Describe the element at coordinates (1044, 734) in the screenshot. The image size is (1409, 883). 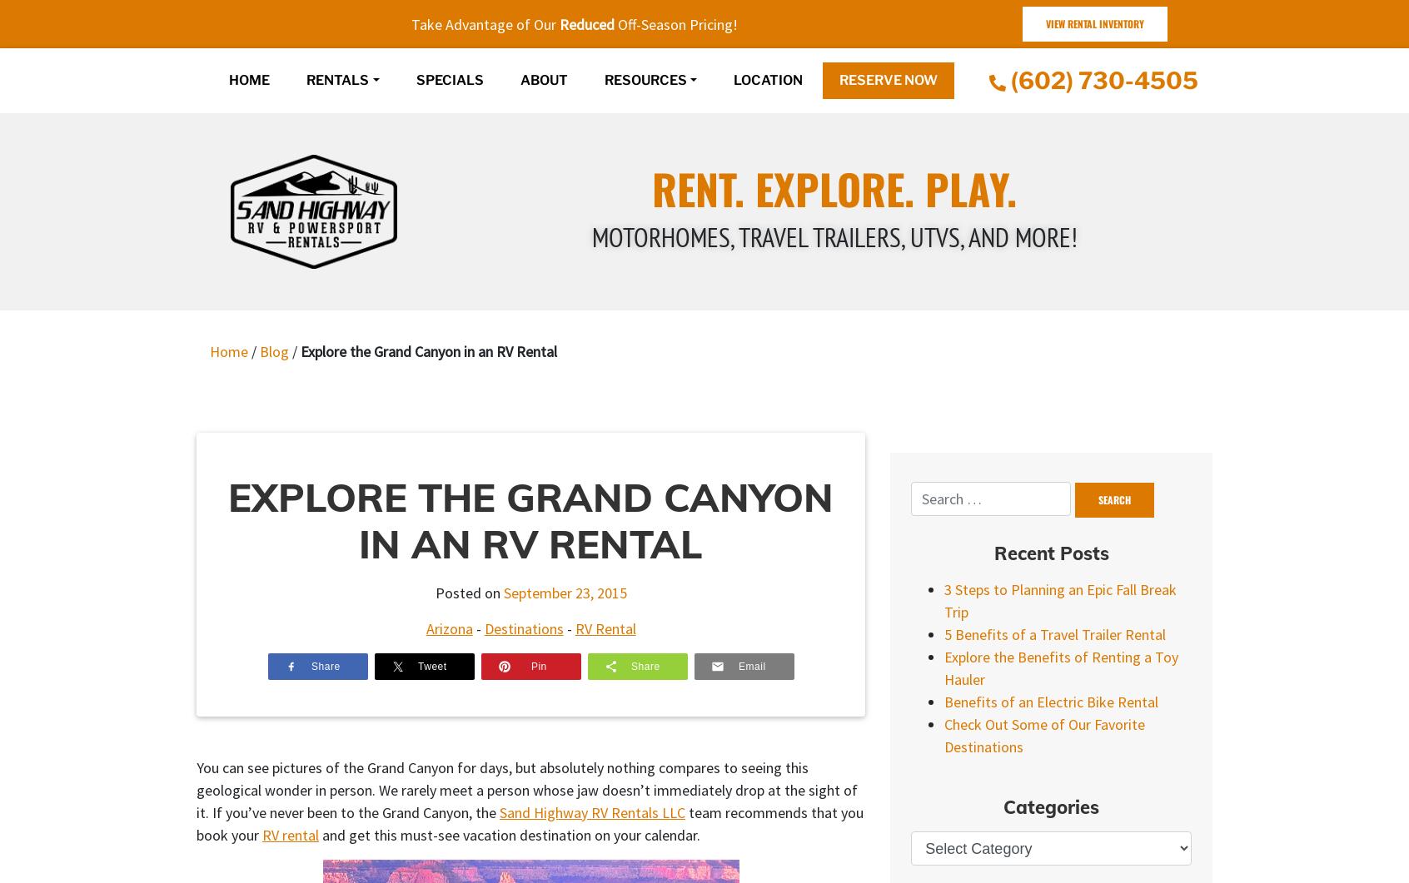
I see `'Check Out Some of Our Favorite Destinations'` at that location.